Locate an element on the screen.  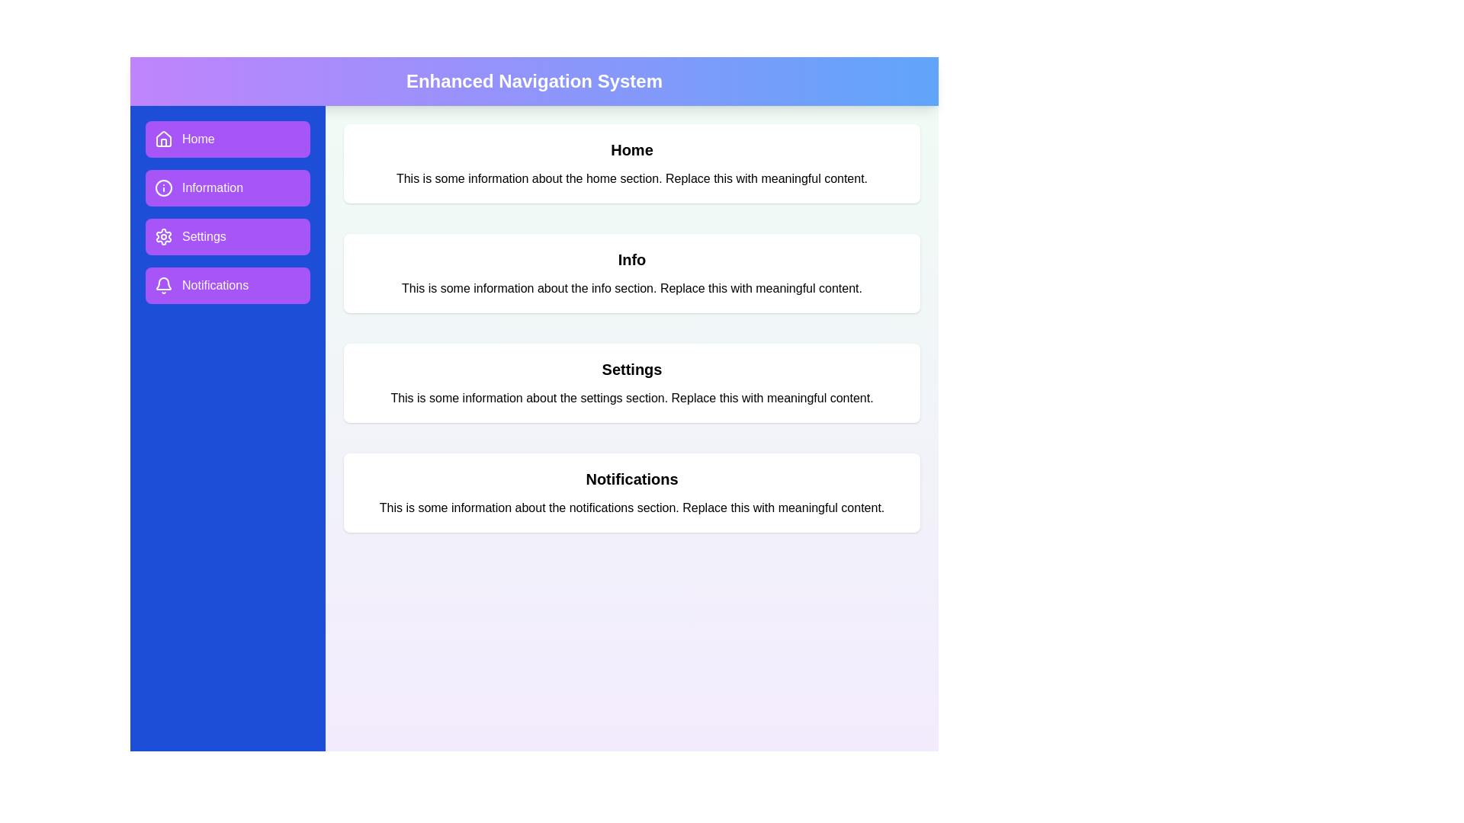
the 'Home' icon located in the left sidebar navigation menu, which serves as a visual indicator is located at coordinates (164, 139).